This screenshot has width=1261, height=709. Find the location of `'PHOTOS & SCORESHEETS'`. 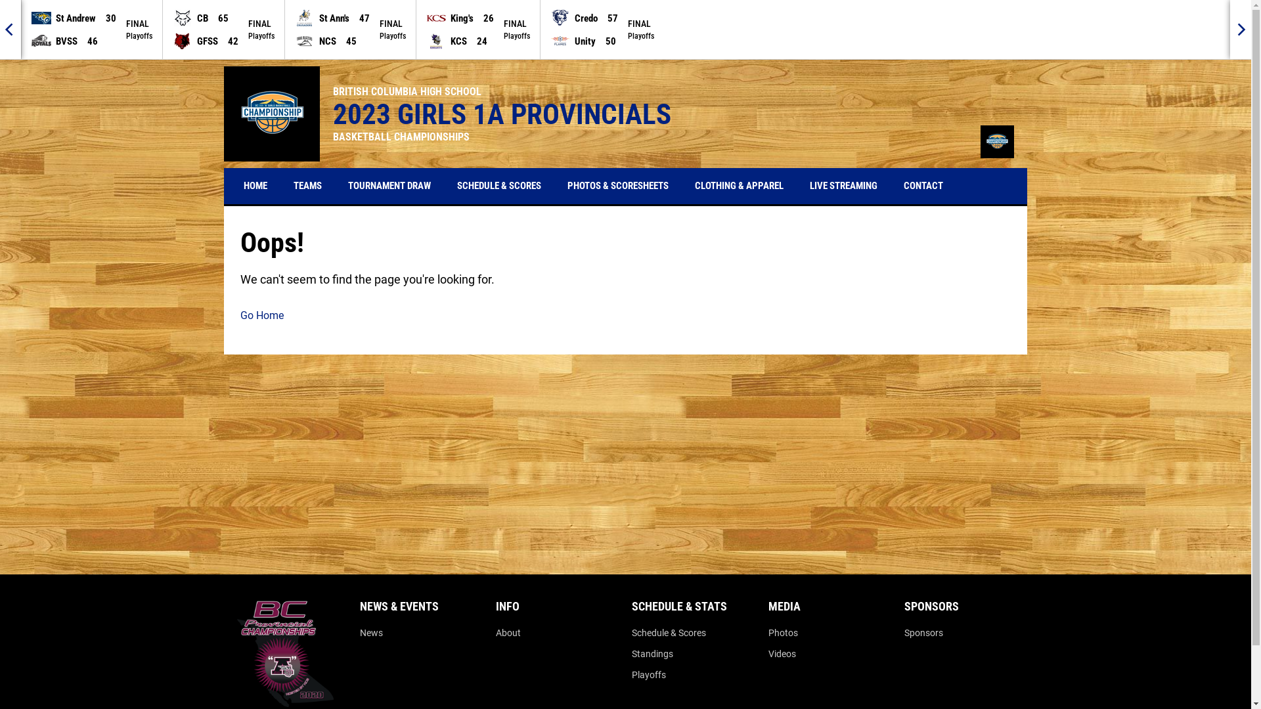

'PHOTOS & SCORESHEETS' is located at coordinates (558, 186).